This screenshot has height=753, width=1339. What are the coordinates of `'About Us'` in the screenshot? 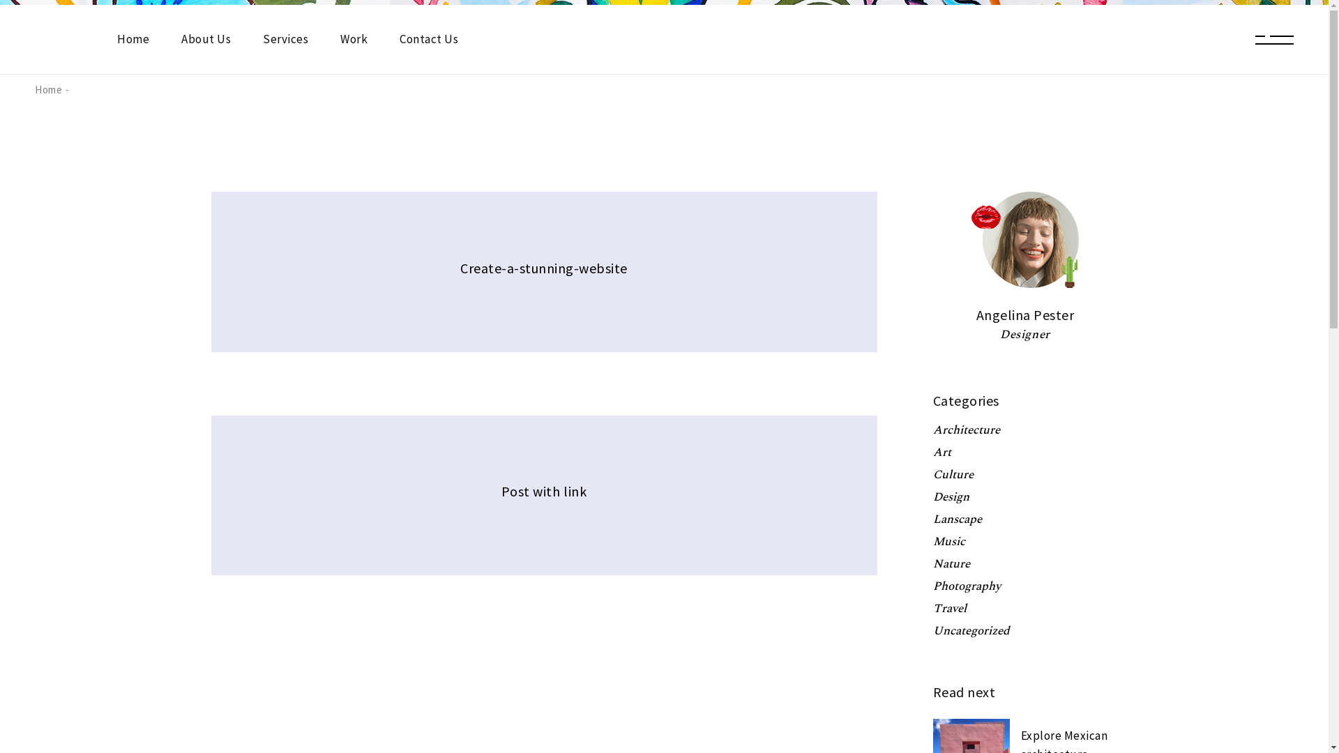 It's located at (605, 499).